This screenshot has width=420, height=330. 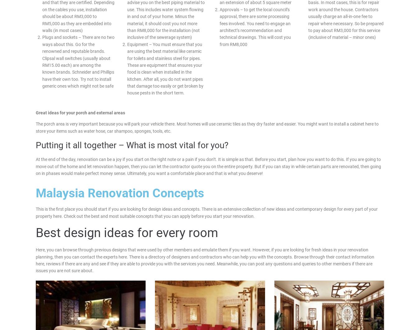 What do you see at coordinates (207, 127) in the screenshot?
I see `'The porch area is very important because you will park your vehicle there. Most homes will use ceramic tiles as they dry faster and easier. You might want to install a cabinet here to store your items such as water hose, car shampoo, sponges, tools, etc.'` at bounding box center [207, 127].